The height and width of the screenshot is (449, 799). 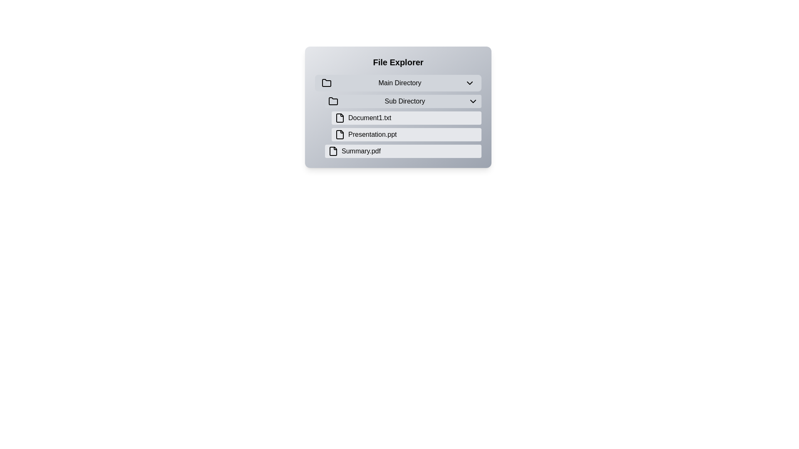 What do you see at coordinates (340, 118) in the screenshot?
I see `the SVG graphic icon resembling a document outline located to the left of the 'Document1.txt' label in the file explorer interface` at bounding box center [340, 118].